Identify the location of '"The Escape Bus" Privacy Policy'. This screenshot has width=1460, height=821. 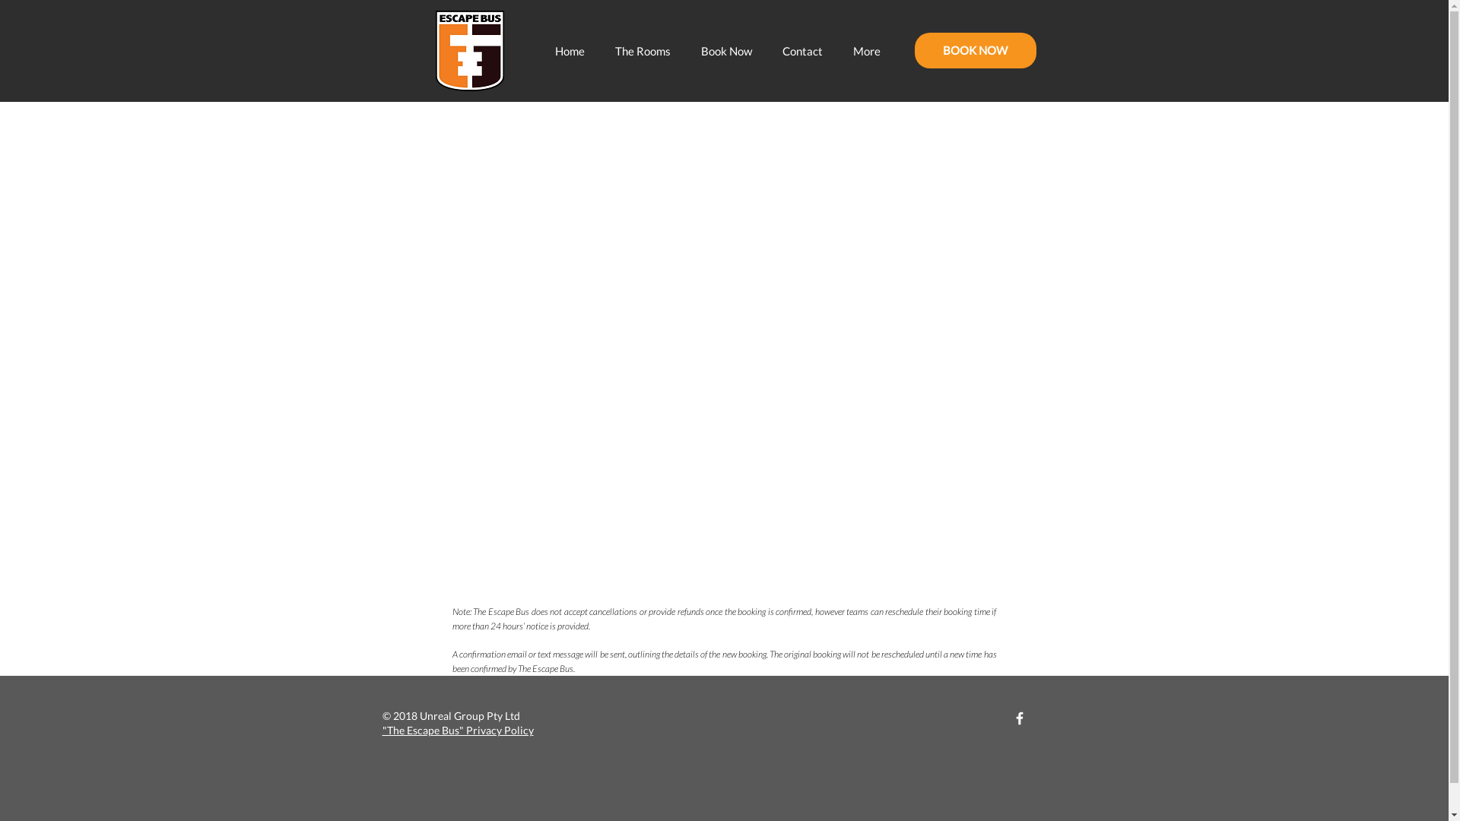
(456, 729).